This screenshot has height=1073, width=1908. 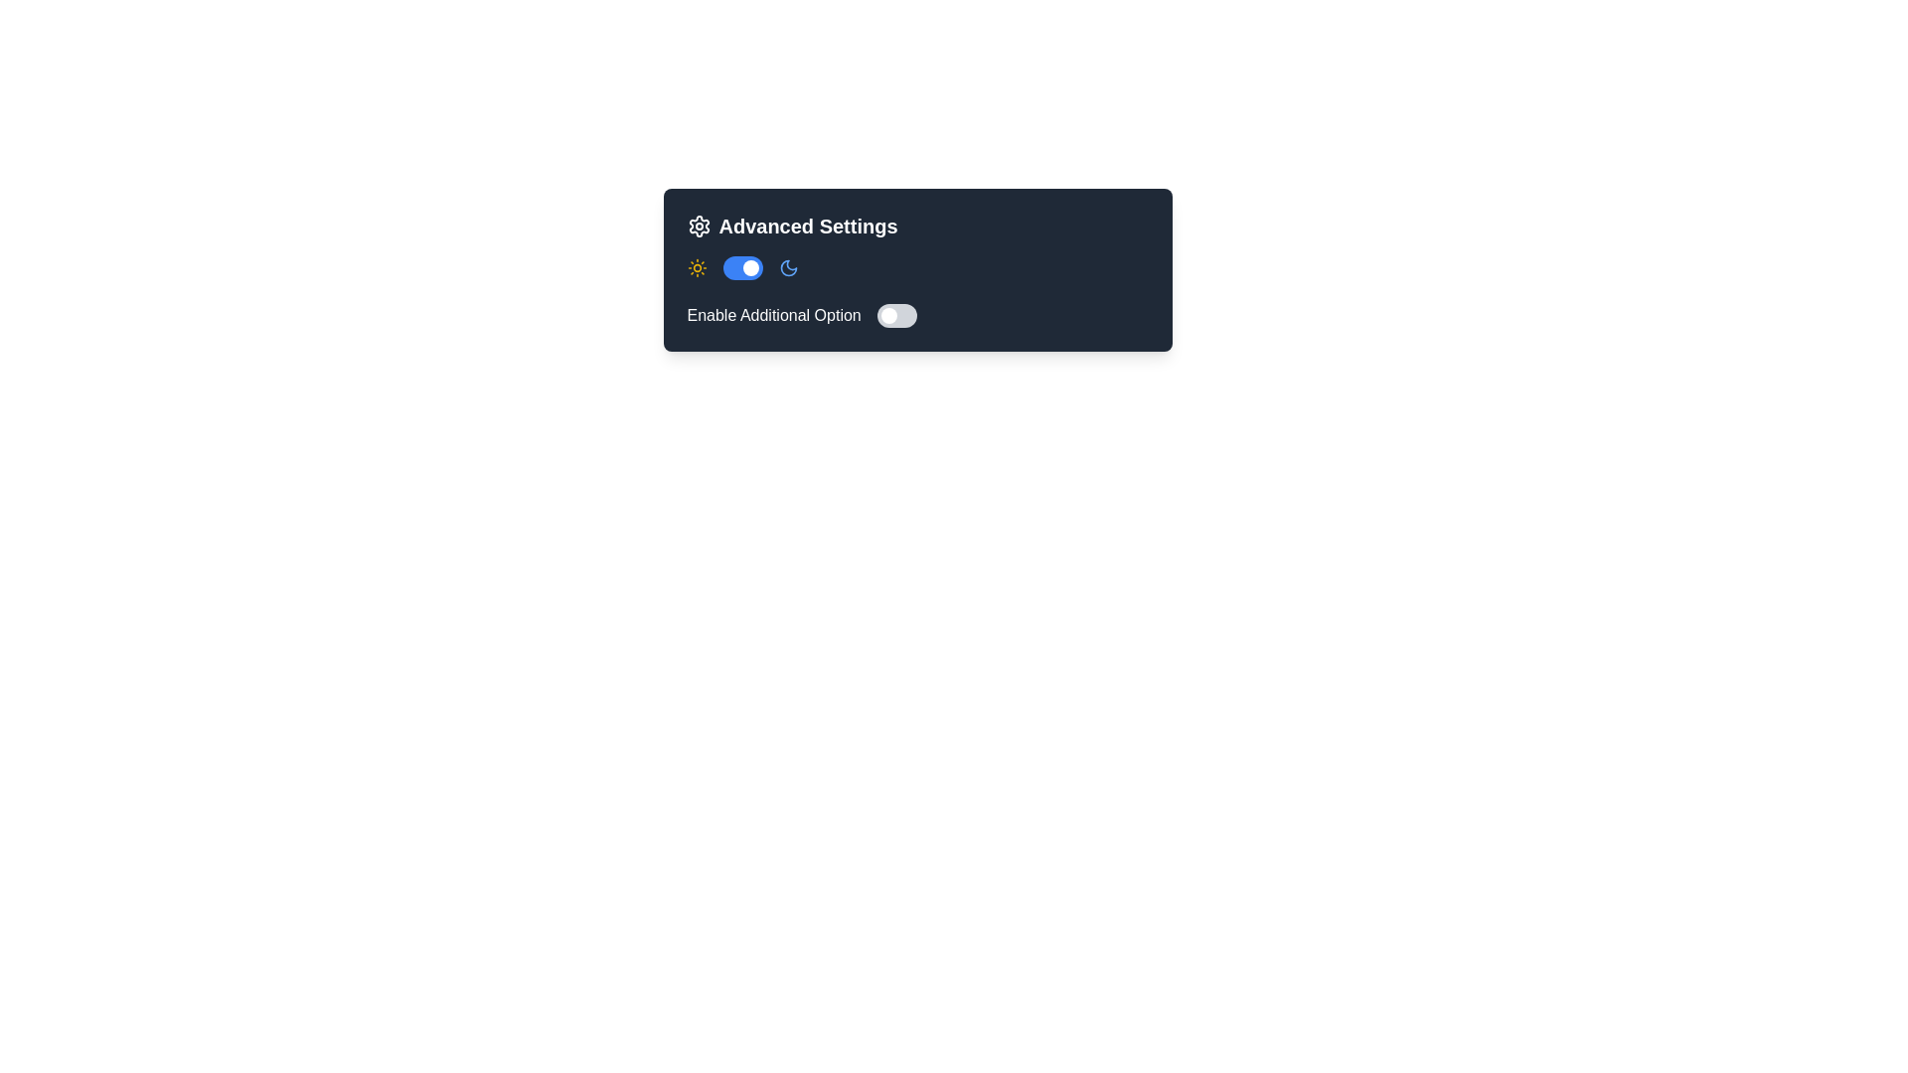 What do you see at coordinates (916, 268) in the screenshot?
I see `the icons for theme selection in the toggle switch located in the 'Advanced Settings' panel` at bounding box center [916, 268].